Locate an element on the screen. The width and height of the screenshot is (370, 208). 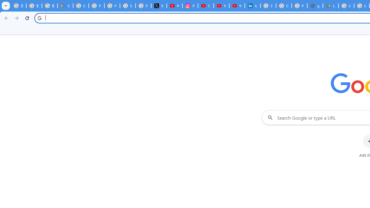
'Sign in - Google Accounts' is located at coordinates (268, 6).